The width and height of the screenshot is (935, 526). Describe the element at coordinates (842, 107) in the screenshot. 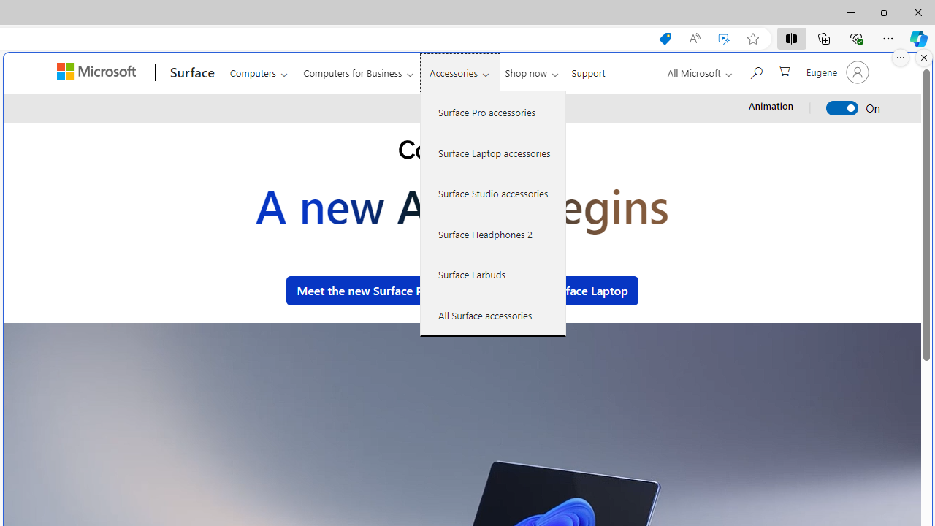

I see `'Animation On'` at that location.